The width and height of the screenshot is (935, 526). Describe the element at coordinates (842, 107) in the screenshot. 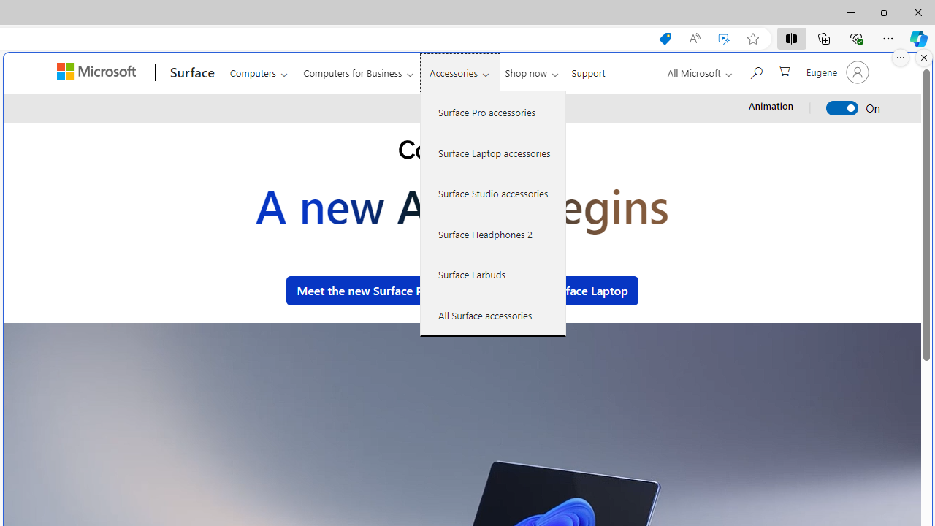

I see `'Animation On'` at that location.